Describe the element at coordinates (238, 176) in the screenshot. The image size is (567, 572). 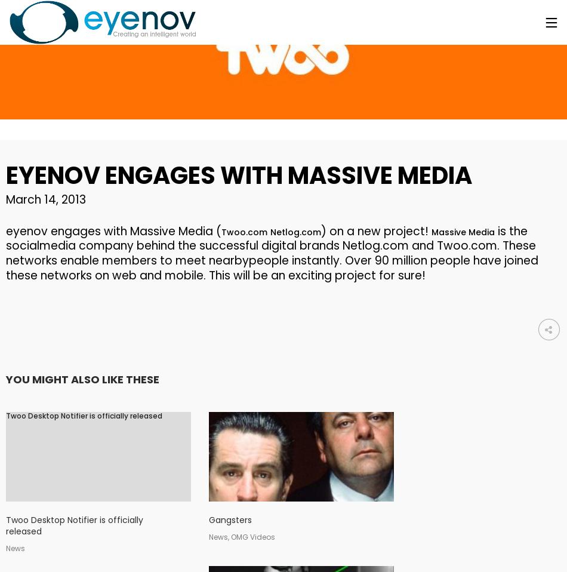
I see `'eyenov engages with Massive Media'` at that location.